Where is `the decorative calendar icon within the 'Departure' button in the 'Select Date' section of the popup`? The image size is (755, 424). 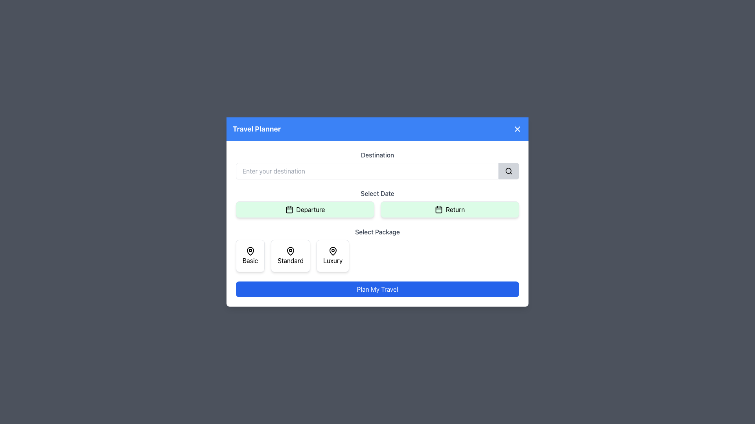 the decorative calendar icon within the 'Departure' button in the 'Select Date' section of the popup is located at coordinates (289, 209).